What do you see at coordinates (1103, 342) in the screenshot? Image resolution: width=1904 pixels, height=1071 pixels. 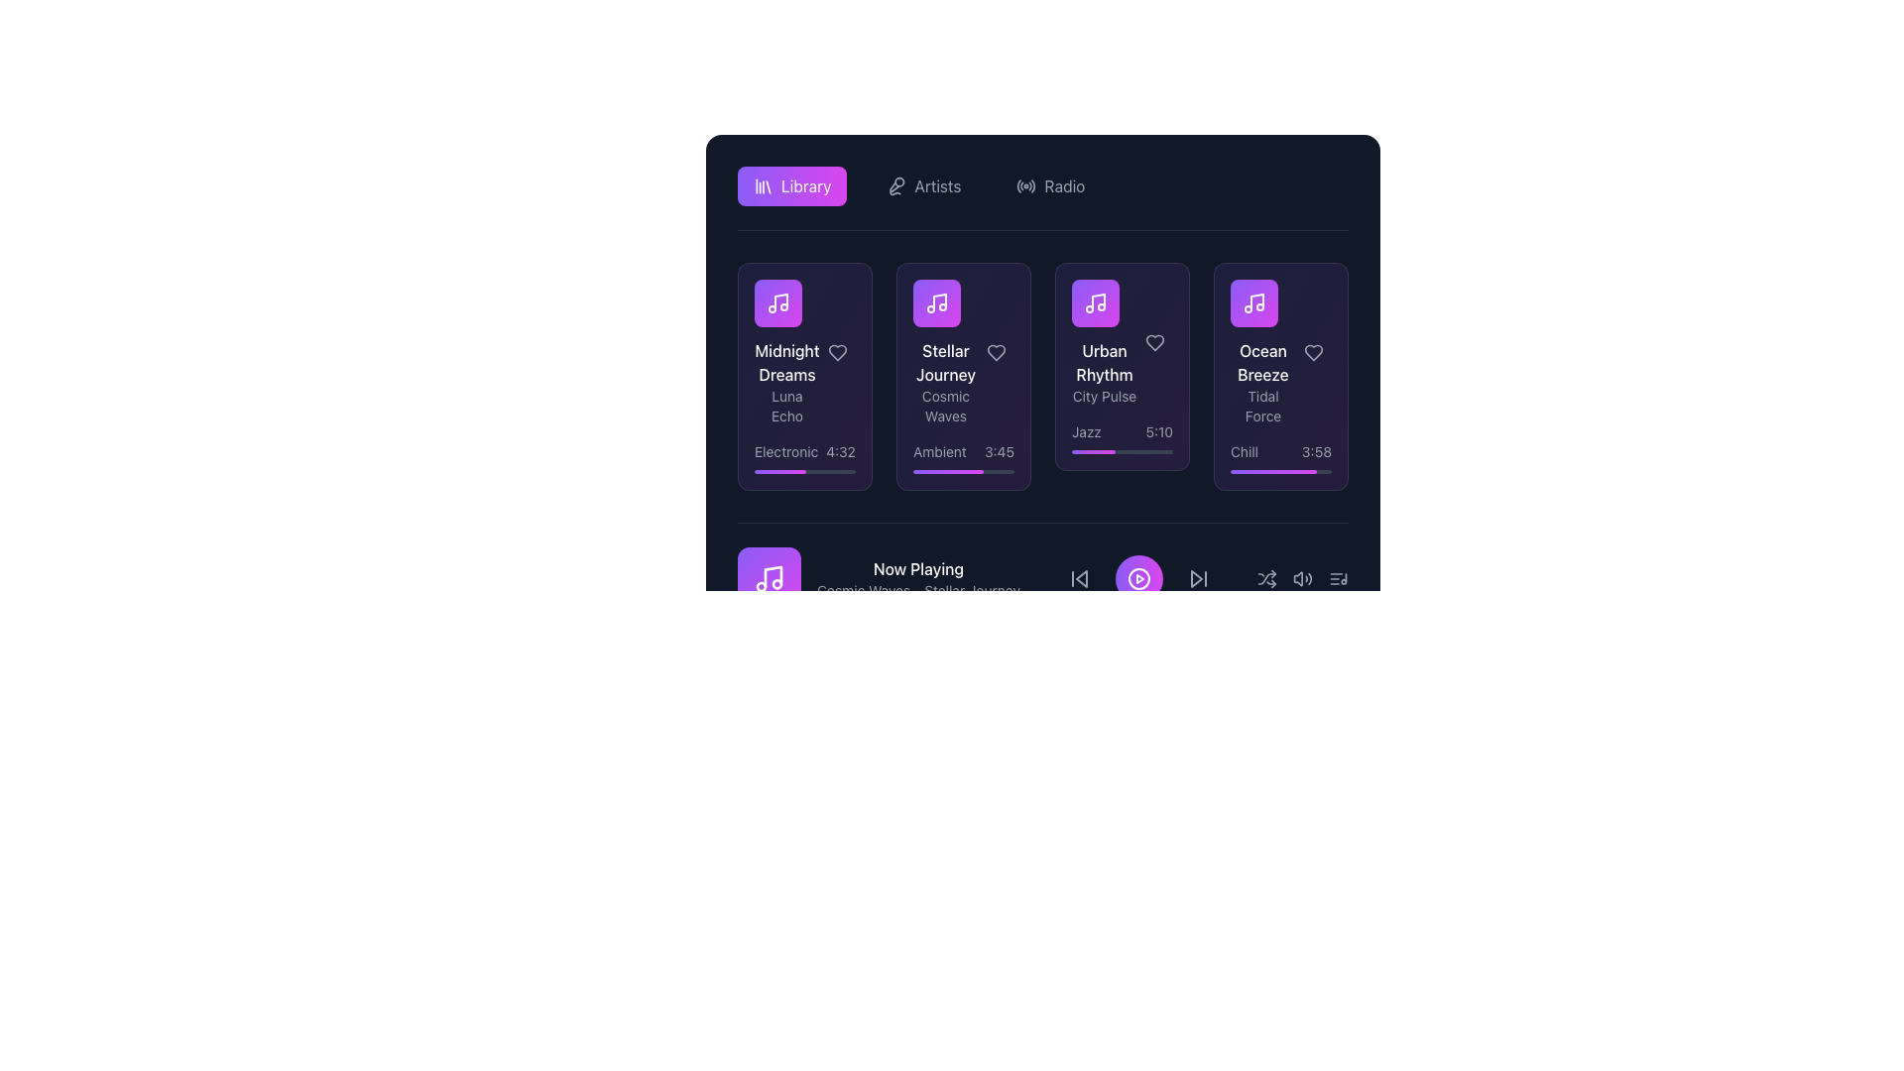 I see `the vertical card titled 'Urban Rhythm' with a dark background and a musical note icon, positioned as the third card in a horizontal list` at bounding box center [1103, 342].